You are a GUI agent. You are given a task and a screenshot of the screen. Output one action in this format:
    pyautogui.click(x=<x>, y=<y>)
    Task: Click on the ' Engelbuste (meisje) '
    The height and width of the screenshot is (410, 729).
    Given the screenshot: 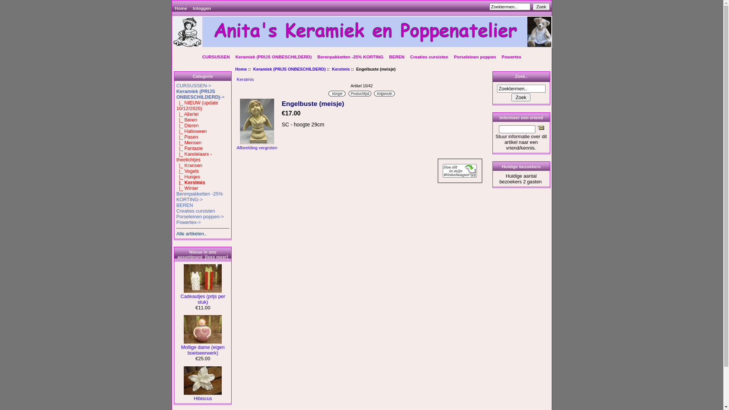 What is the action you would take?
    pyautogui.click(x=257, y=121)
    